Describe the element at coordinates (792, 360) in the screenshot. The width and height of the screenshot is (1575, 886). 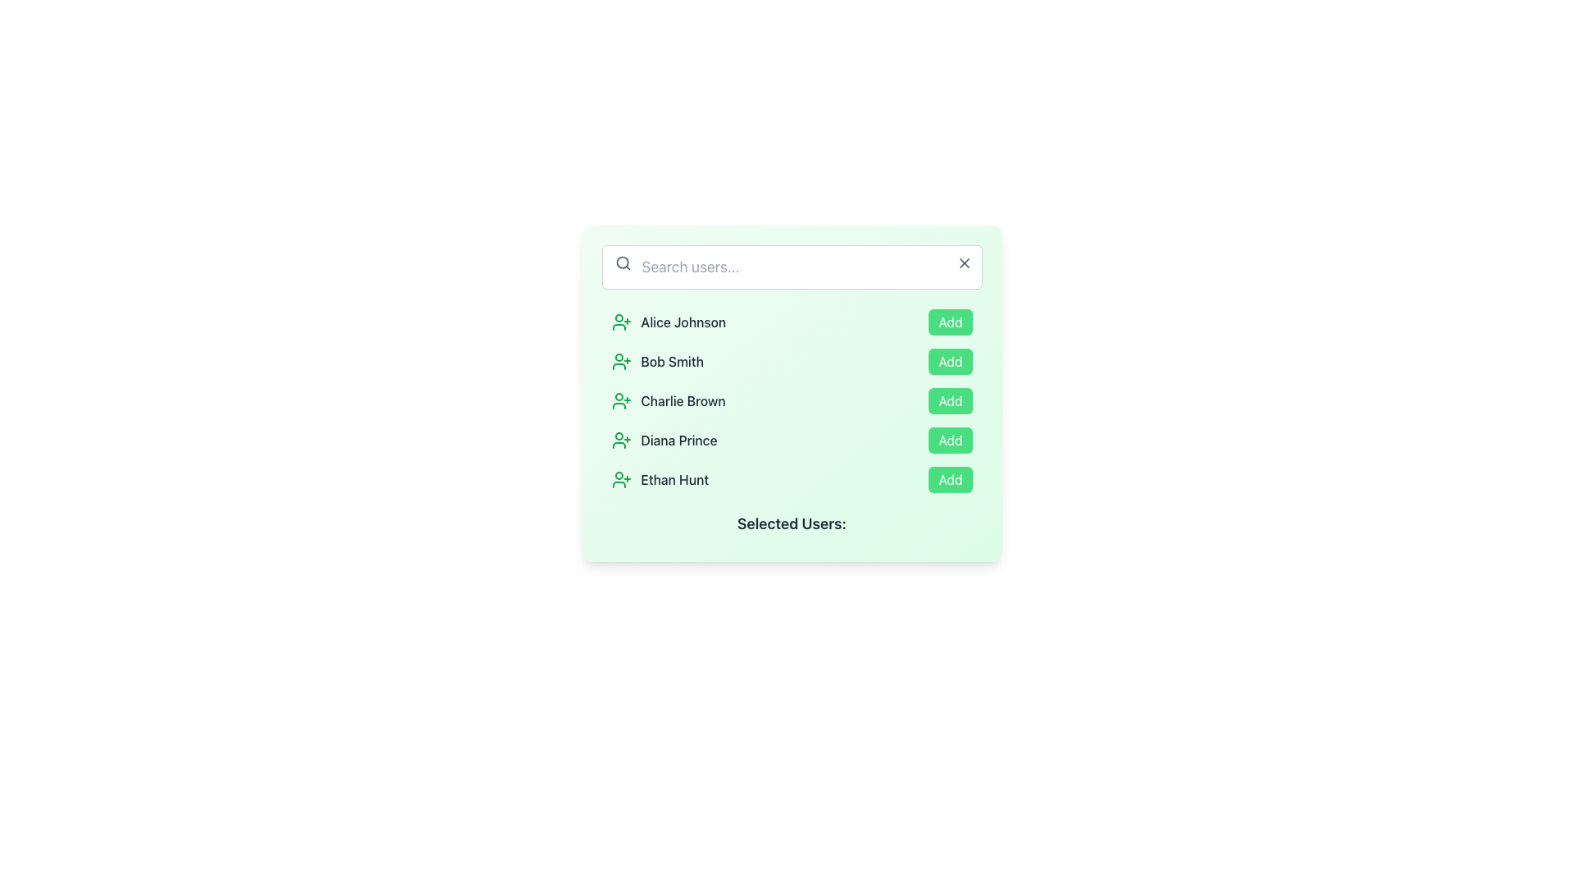
I see `the list item for 'Bob Smith' located between 'Alice Johnson' and 'Charlie Brown'` at that location.